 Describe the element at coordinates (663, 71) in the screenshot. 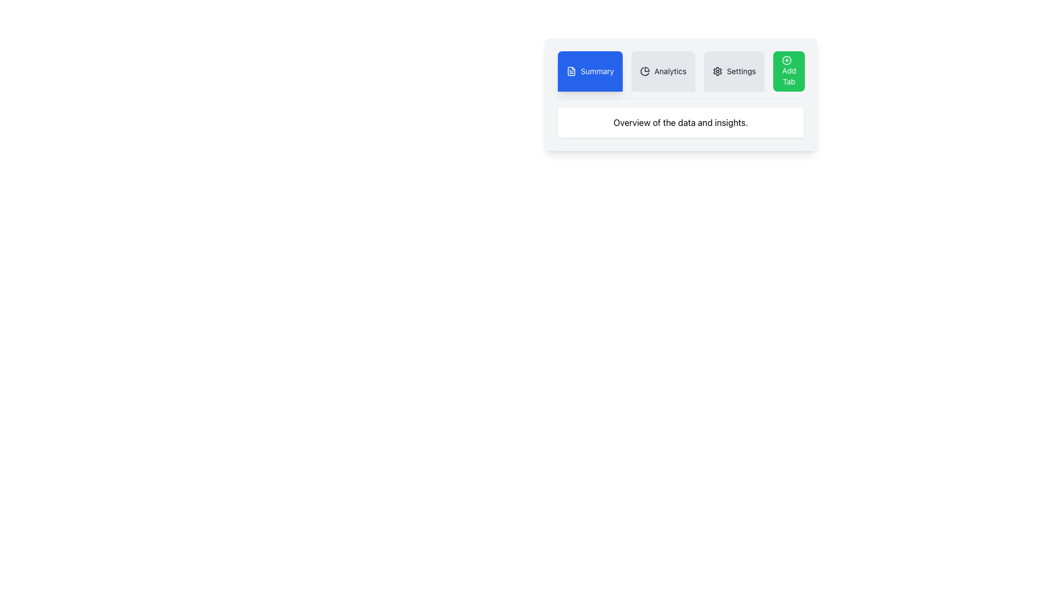

I see `the 'Analytics' button, which is the second button in a row of four, featuring a gray background, black text, and a pie chart icon` at that location.